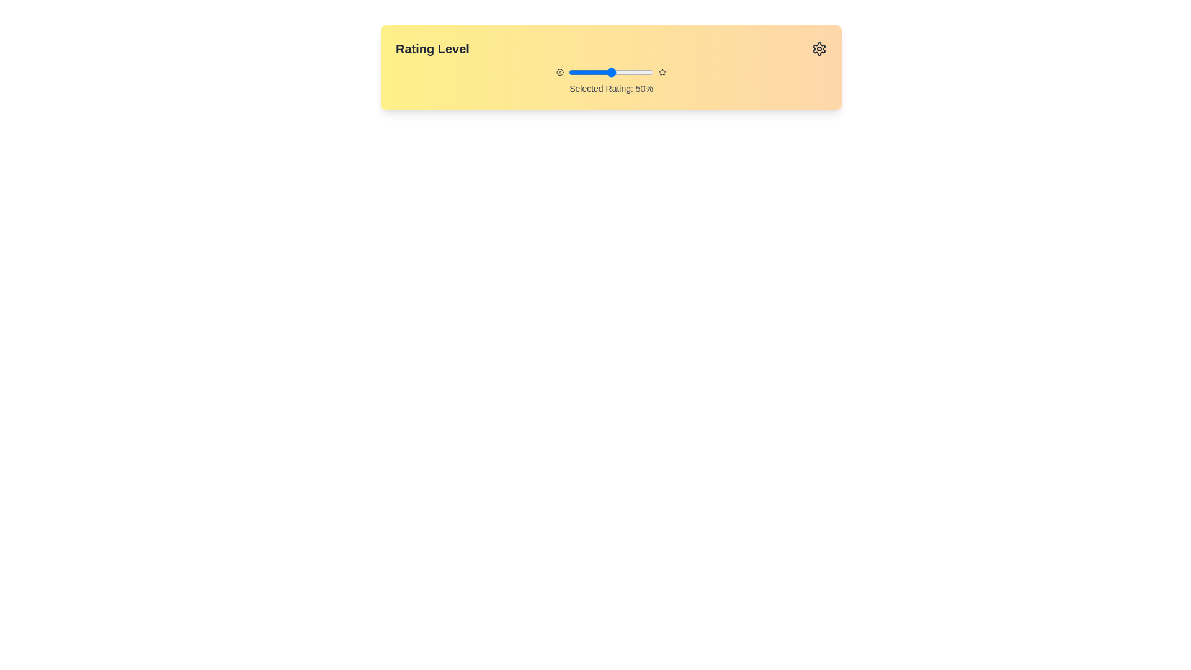  Describe the element at coordinates (586, 72) in the screenshot. I see `the slider` at that location.